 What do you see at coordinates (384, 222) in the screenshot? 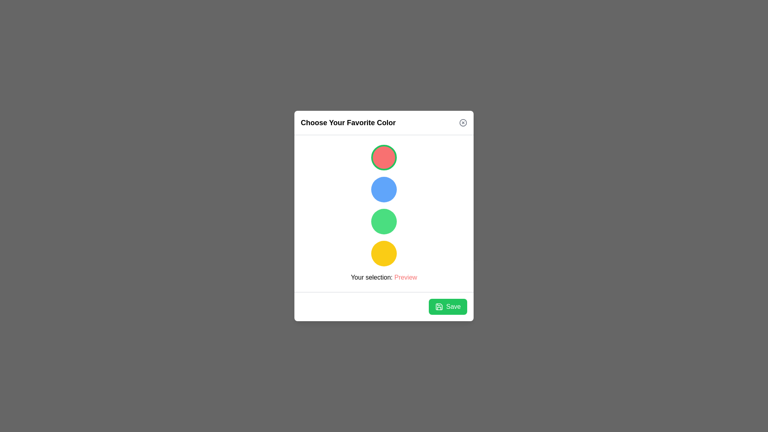
I see `the color circle corresponding to green` at bounding box center [384, 222].